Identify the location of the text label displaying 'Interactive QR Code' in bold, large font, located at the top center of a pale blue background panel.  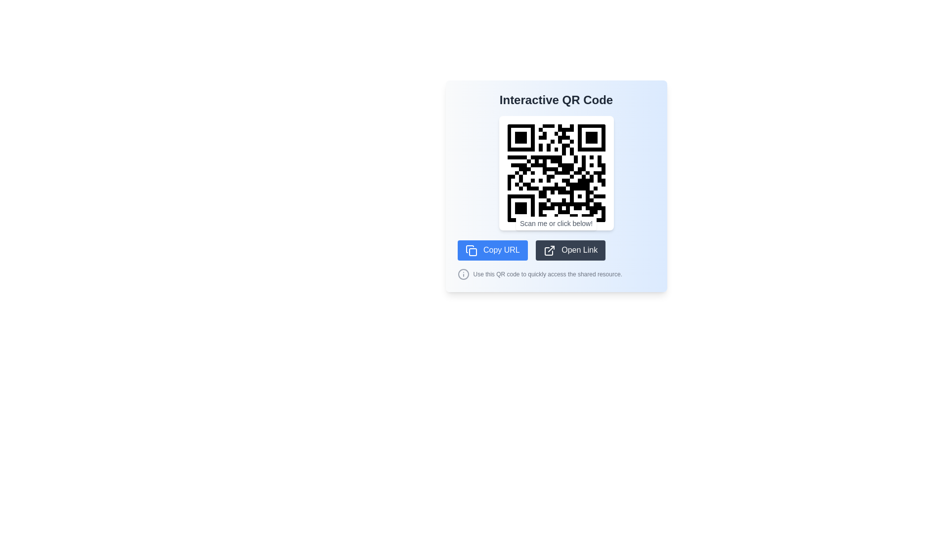
(556, 100).